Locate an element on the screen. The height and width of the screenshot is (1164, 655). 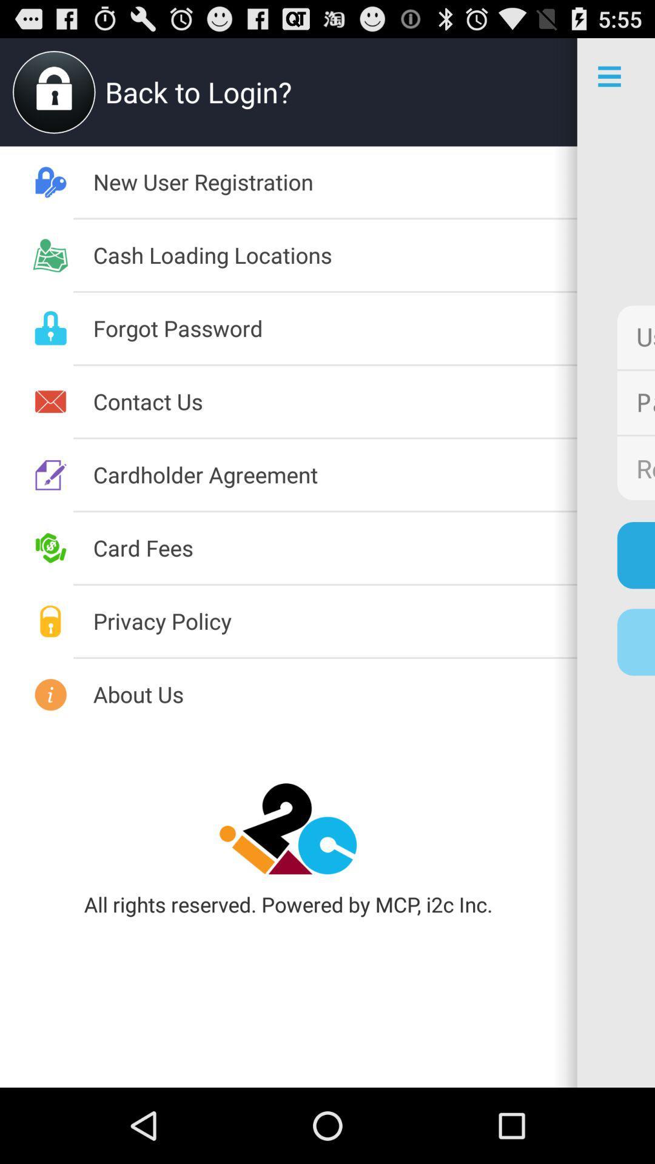
the card fees item is located at coordinates (335, 547).